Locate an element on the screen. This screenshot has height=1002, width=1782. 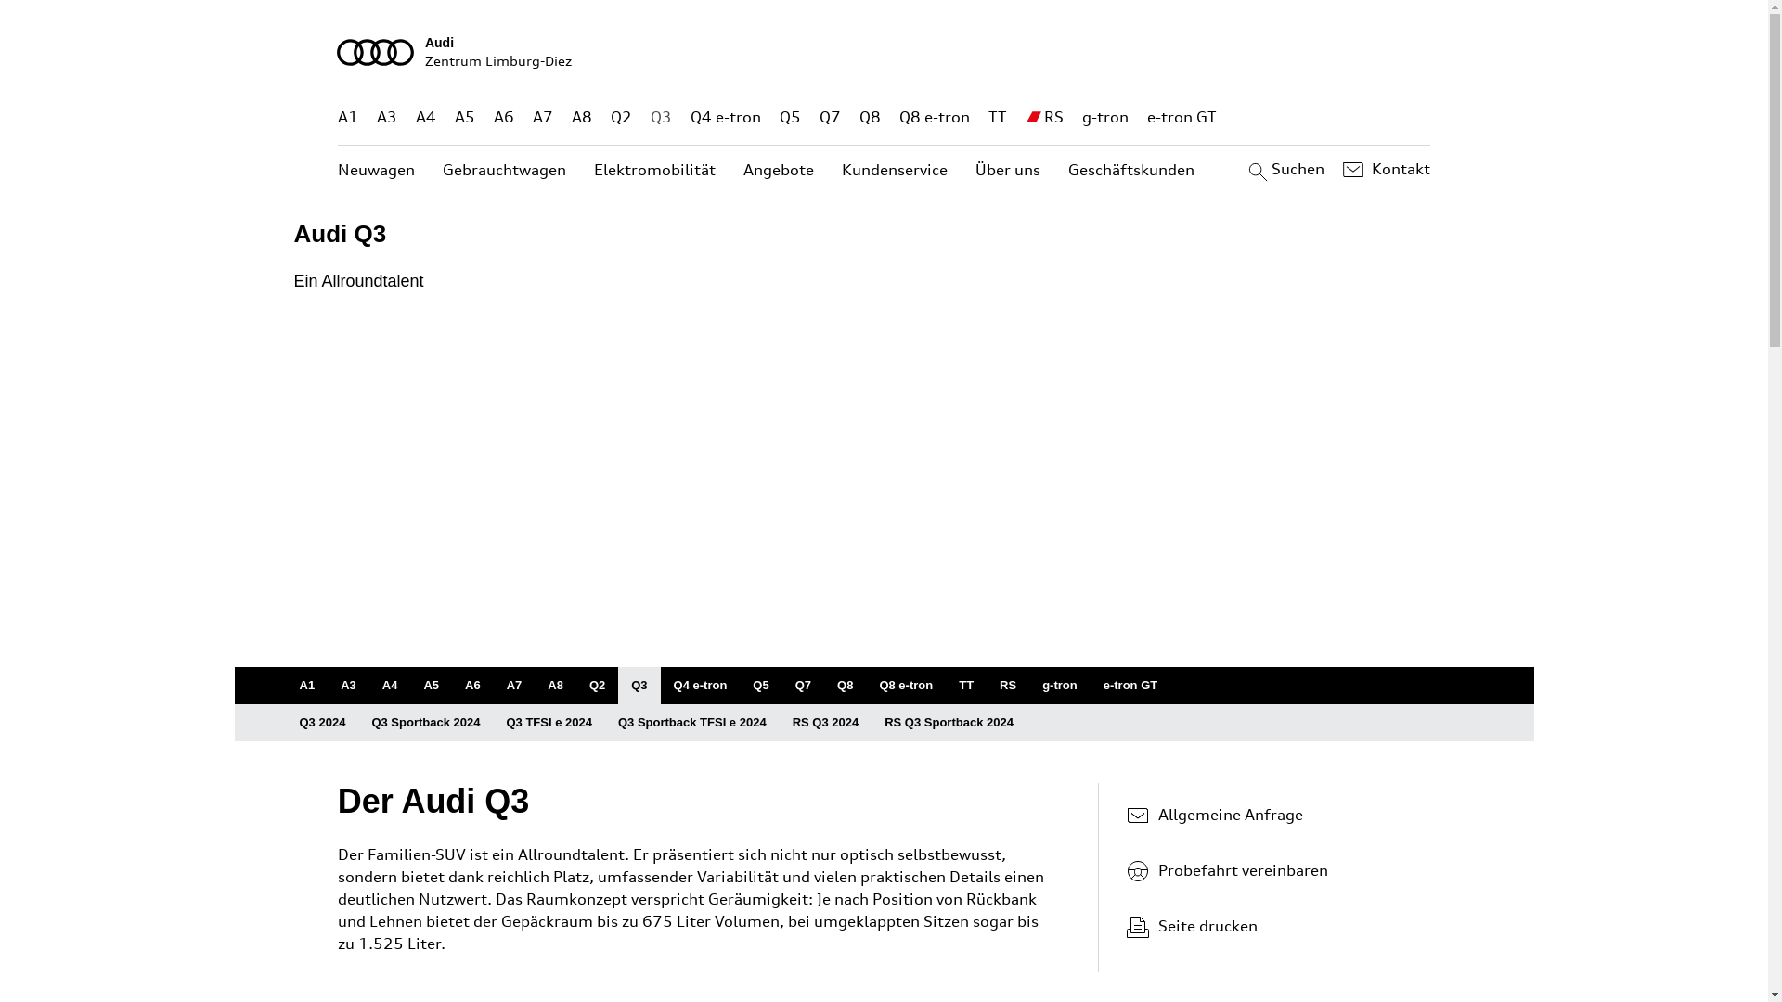
'Q3' is located at coordinates (661, 117).